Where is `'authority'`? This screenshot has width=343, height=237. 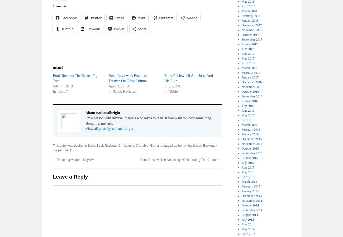 'authority' is located at coordinates (179, 145).